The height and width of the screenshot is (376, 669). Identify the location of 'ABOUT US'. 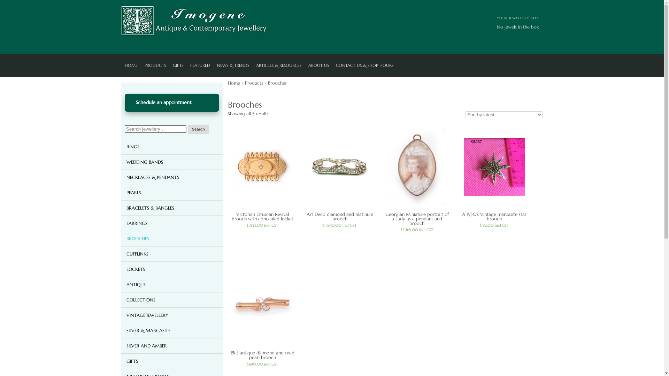
(305, 65).